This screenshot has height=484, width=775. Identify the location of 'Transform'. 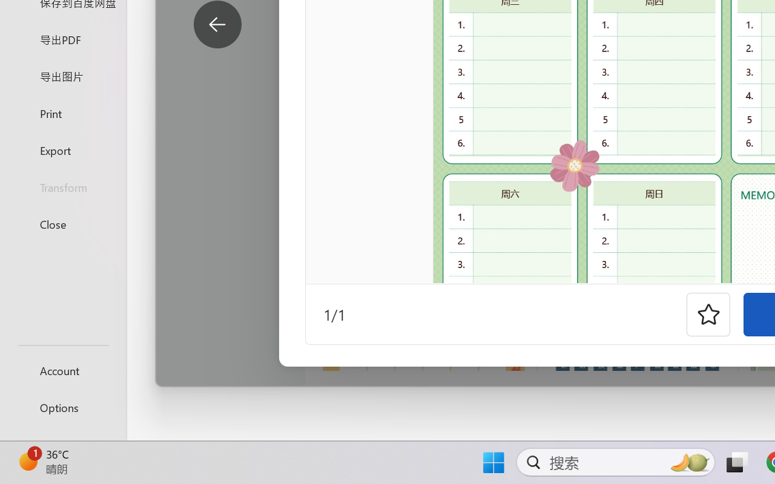
(62, 186).